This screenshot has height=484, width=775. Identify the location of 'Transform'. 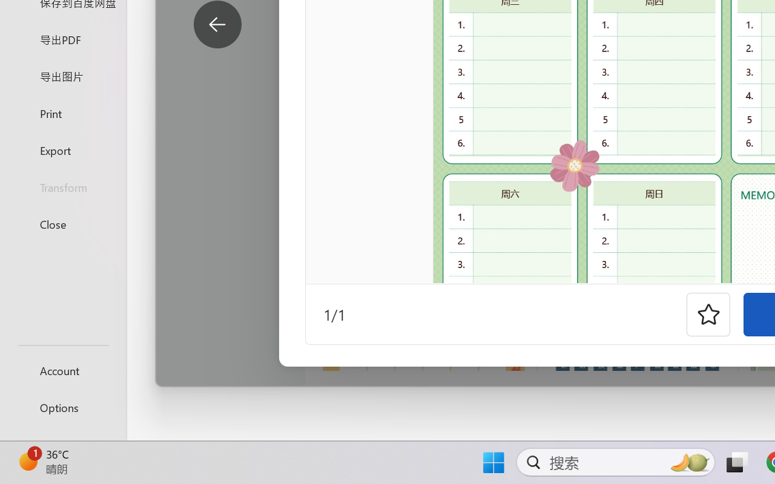
(62, 186).